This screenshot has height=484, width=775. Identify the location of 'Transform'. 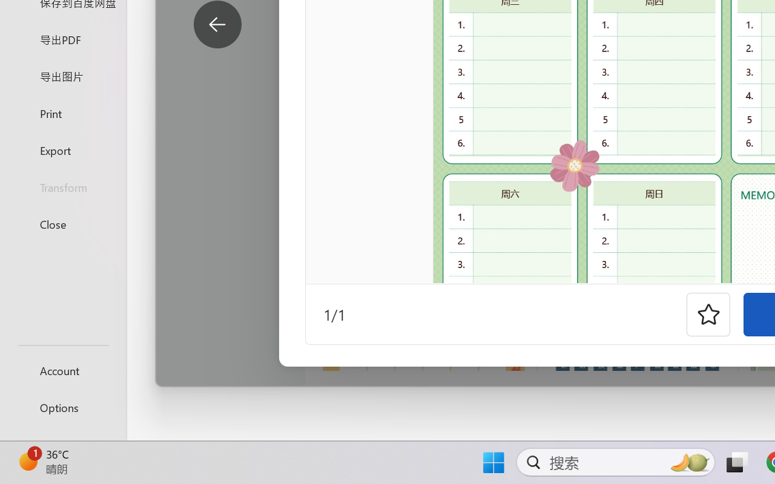
(62, 186).